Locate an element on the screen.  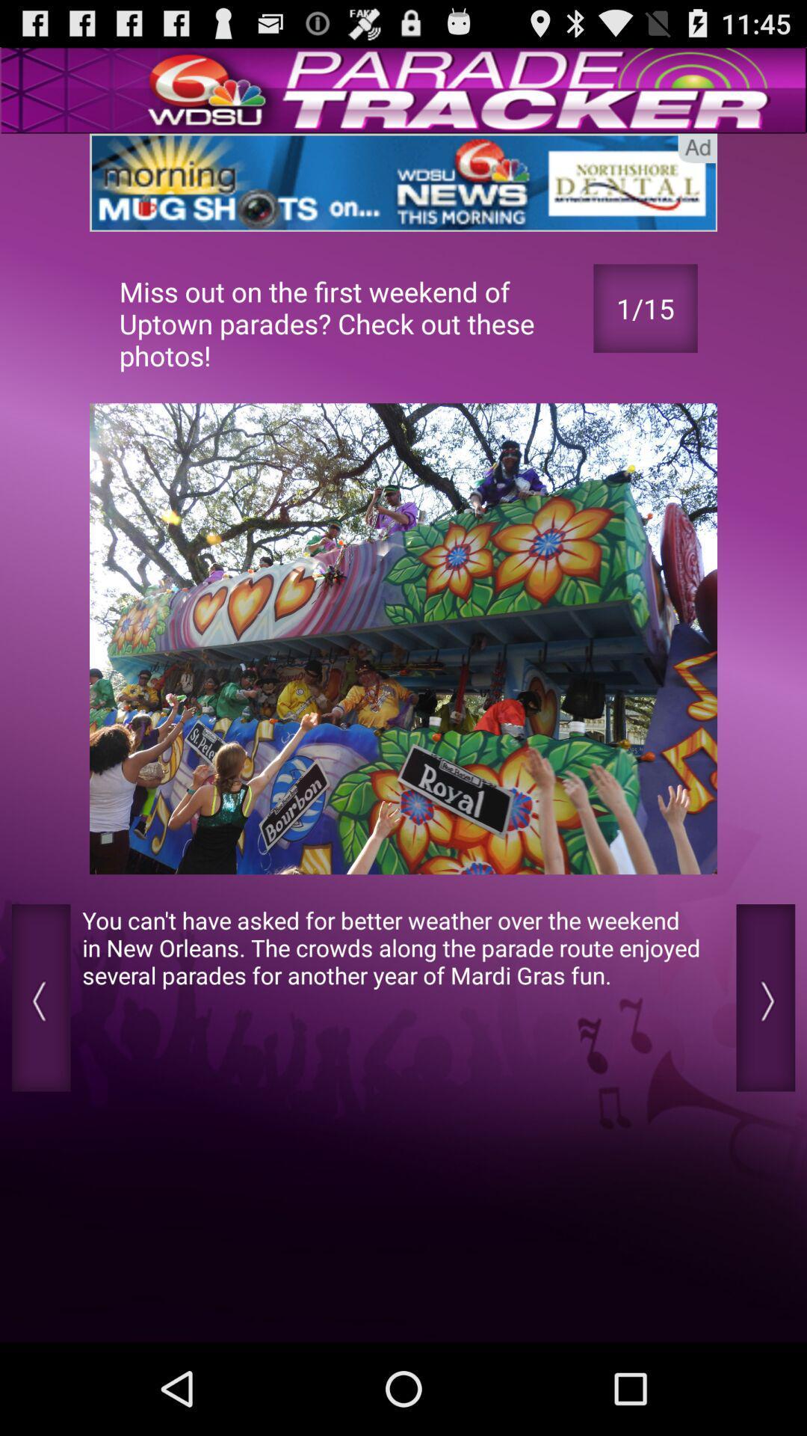
go back is located at coordinates (40, 998).